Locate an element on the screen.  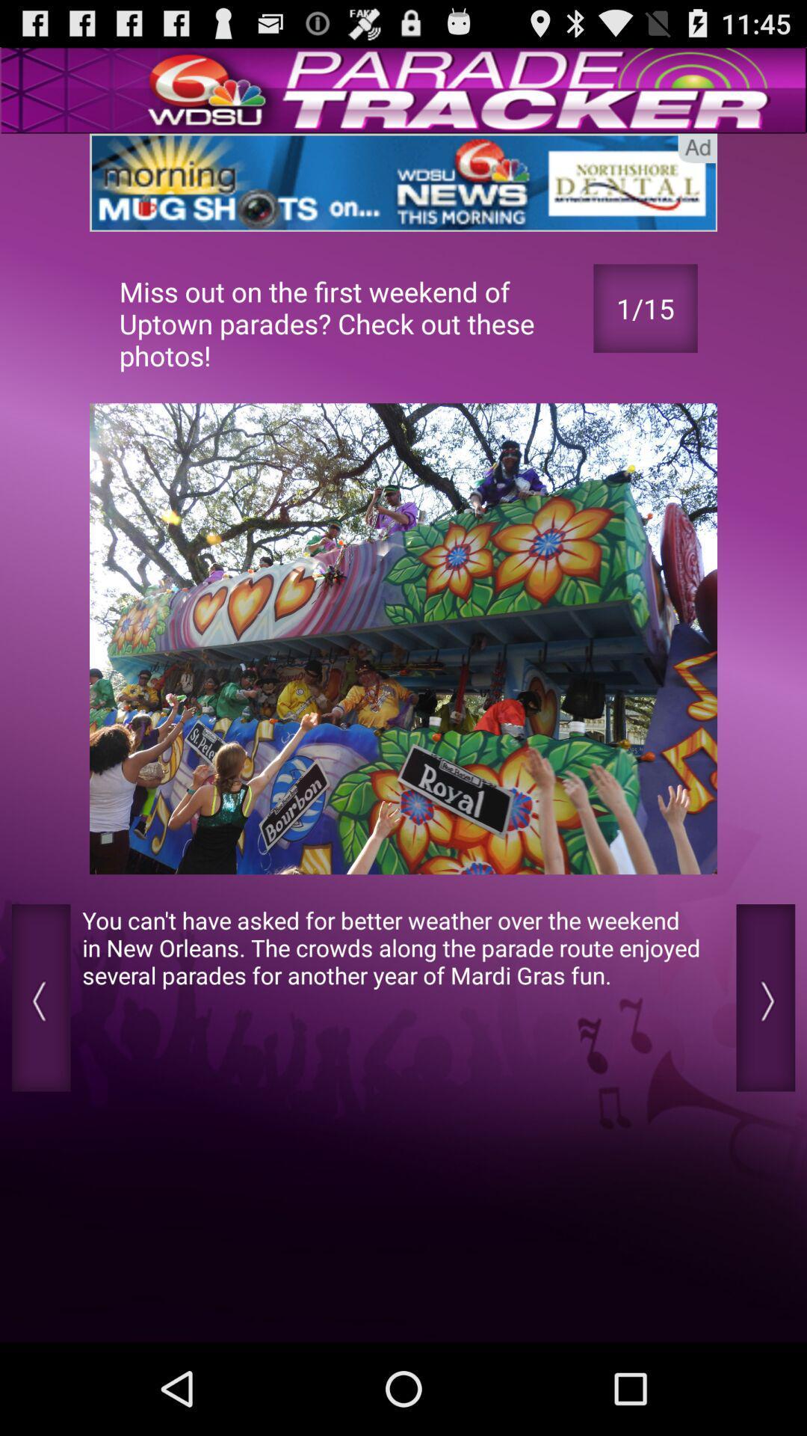
go back is located at coordinates (40, 998).